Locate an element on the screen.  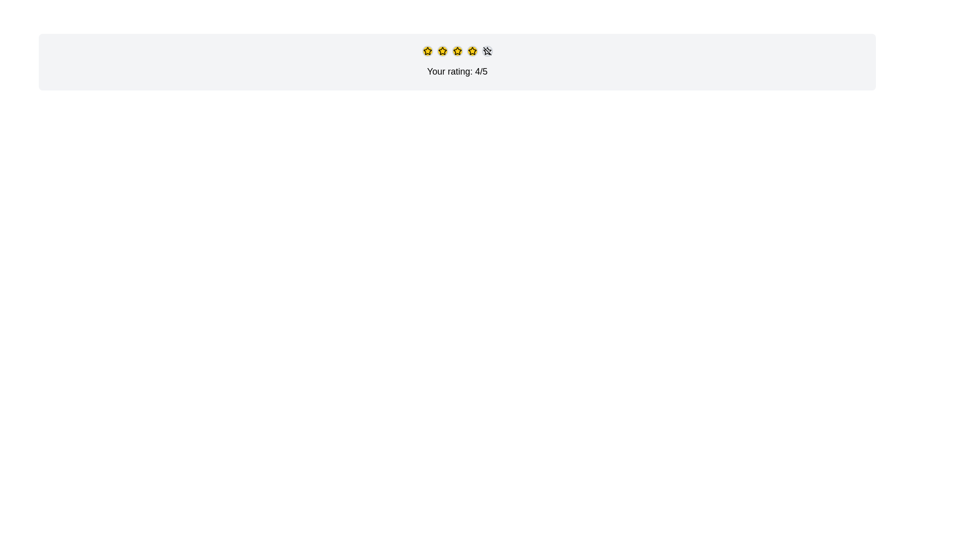
the crossed-out star rating icon, which is the fifth icon in a horizontal row of five is located at coordinates (487, 51).